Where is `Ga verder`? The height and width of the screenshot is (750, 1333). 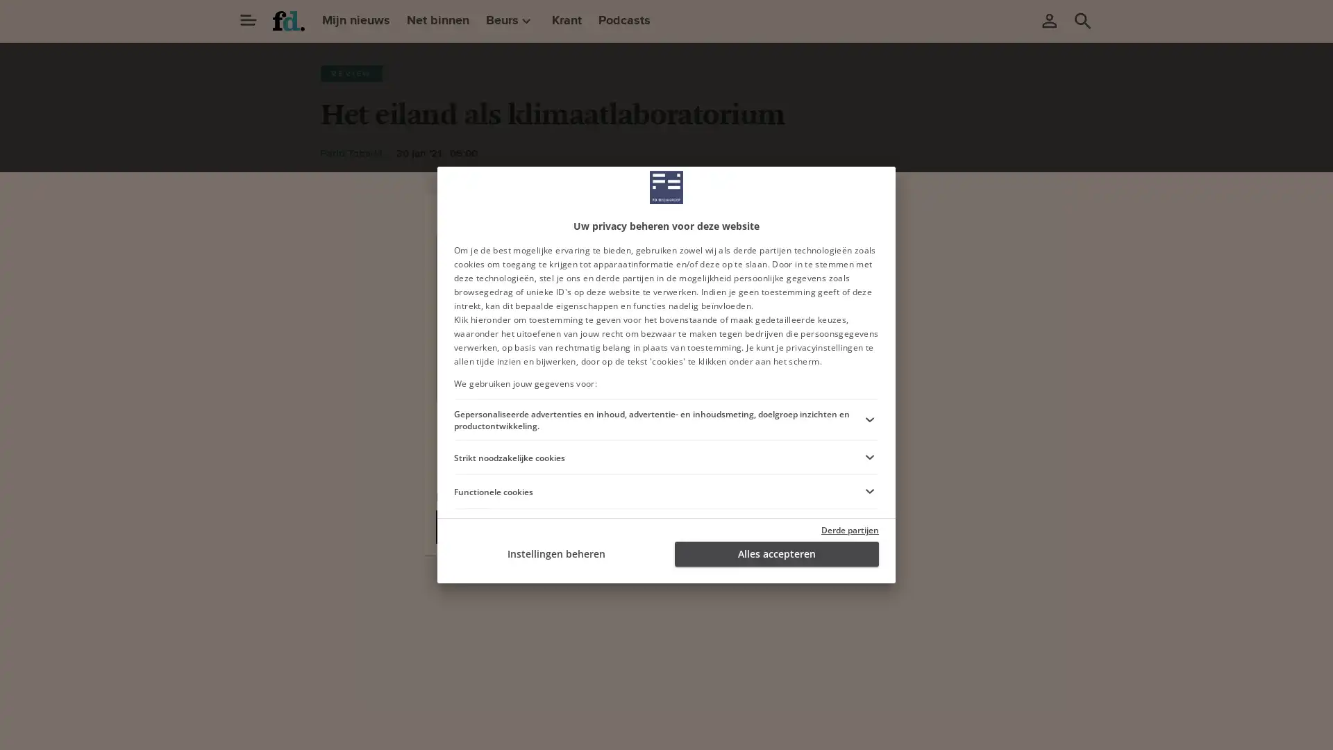
Ga verder is located at coordinates (556, 374).